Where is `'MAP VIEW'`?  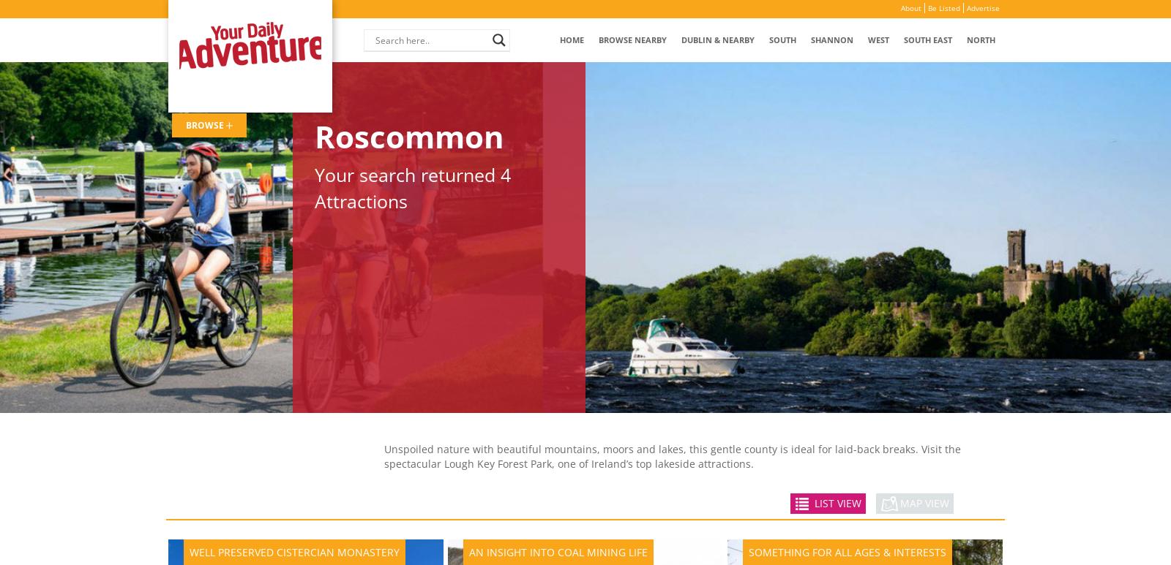 'MAP VIEW' is located at coordinates (899, 502).